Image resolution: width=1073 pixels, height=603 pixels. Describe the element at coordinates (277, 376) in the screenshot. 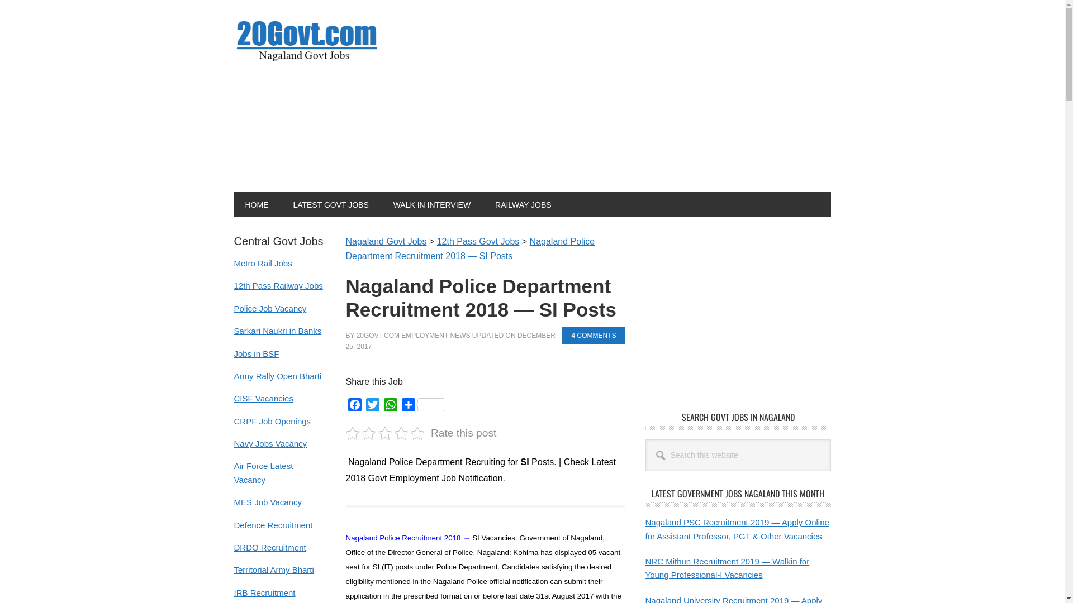

I see `'Army Rally Open Bharti'` at that location.